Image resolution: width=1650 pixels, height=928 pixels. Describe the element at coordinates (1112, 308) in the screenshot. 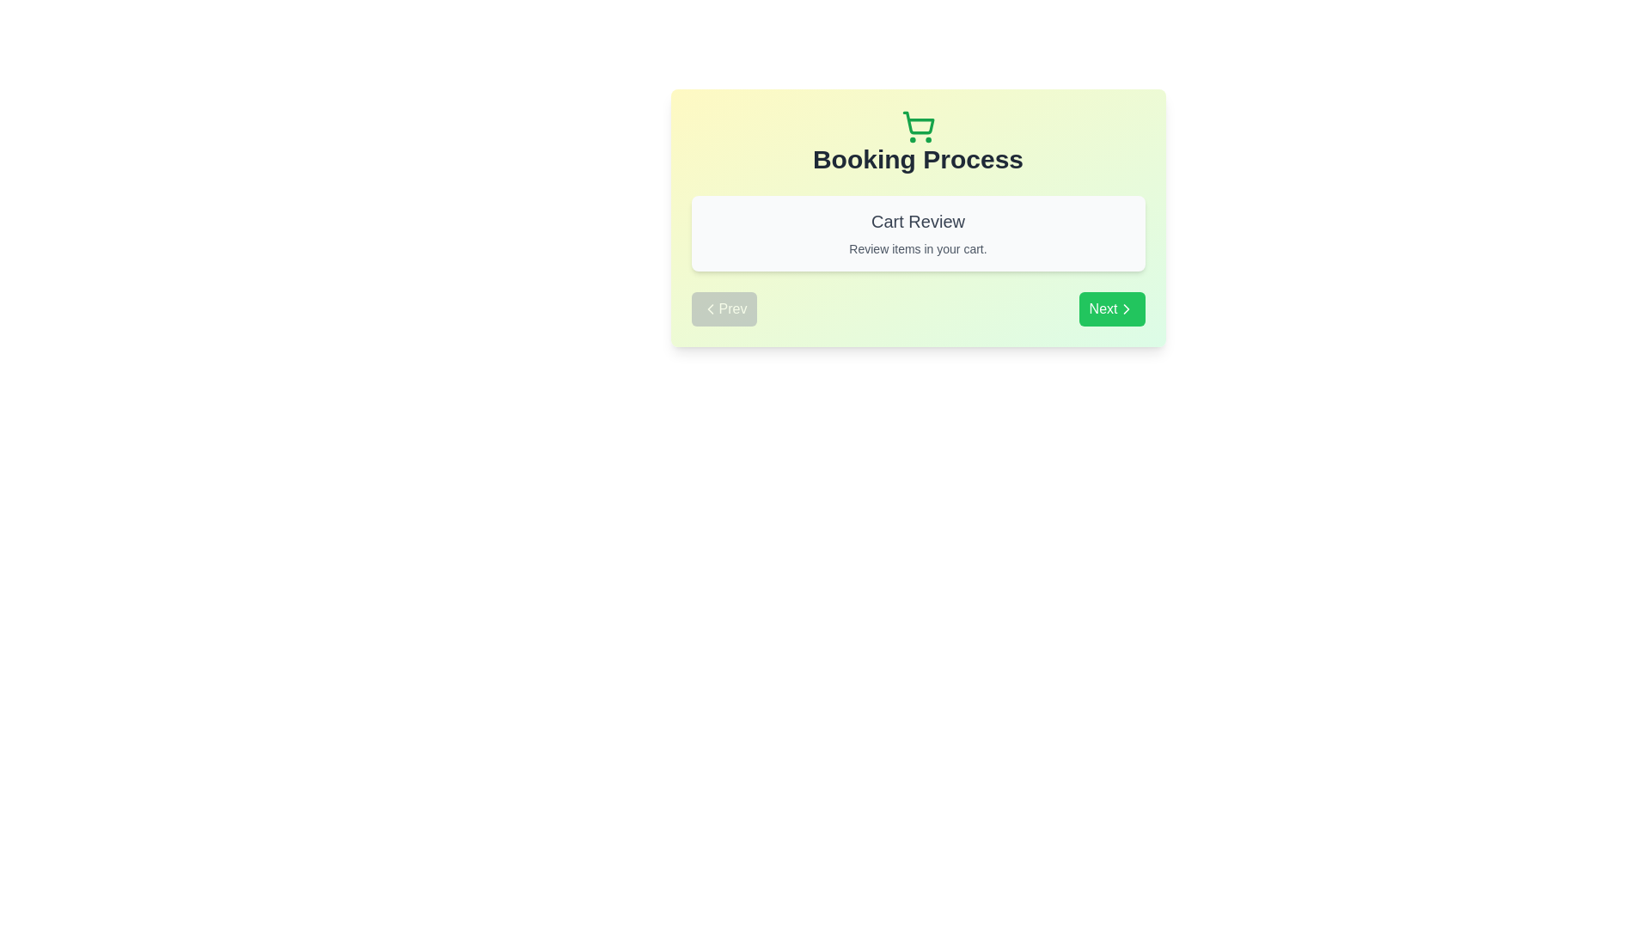

I see `the second button on the far-right end of the layout` at that location.